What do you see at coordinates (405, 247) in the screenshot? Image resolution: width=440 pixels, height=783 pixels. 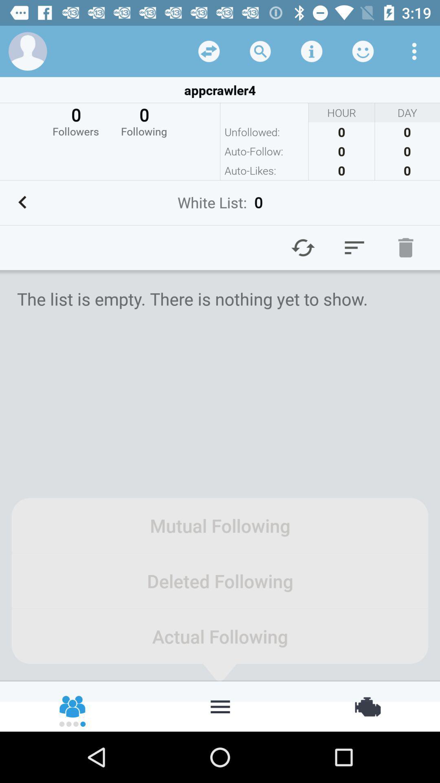 I see `delete box` at bounding box center [405, 247].